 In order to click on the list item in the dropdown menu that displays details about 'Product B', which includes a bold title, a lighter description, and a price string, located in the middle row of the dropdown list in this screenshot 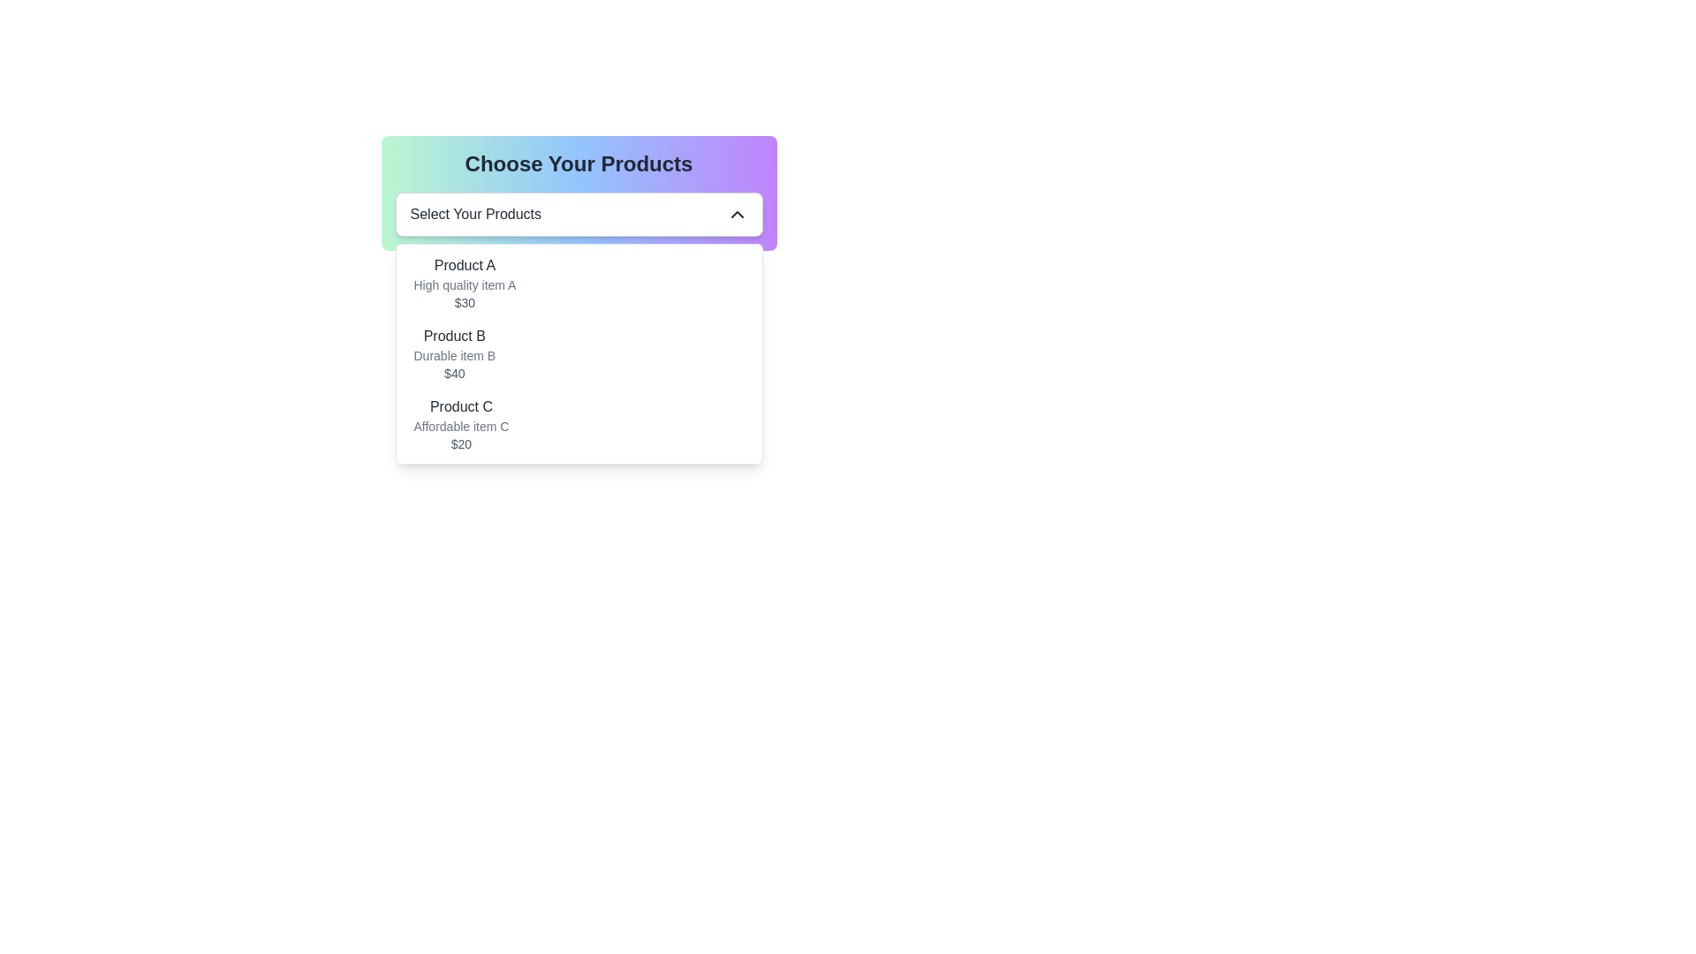, I will do `click(579, 354)`.